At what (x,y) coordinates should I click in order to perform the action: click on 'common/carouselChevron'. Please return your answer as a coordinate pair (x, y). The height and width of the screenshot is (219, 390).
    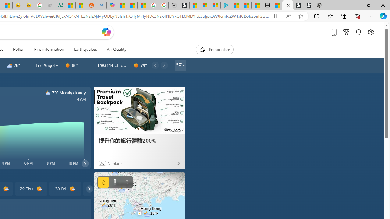
    Looking at the image, I should click on (89, 189).